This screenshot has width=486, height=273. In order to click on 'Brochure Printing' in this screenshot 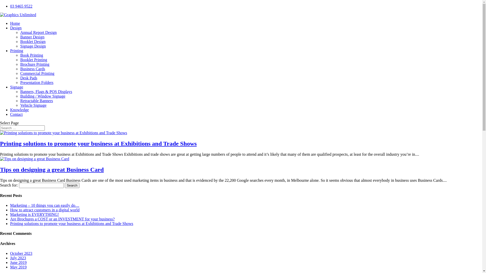, I will do `click(20, 64)`.